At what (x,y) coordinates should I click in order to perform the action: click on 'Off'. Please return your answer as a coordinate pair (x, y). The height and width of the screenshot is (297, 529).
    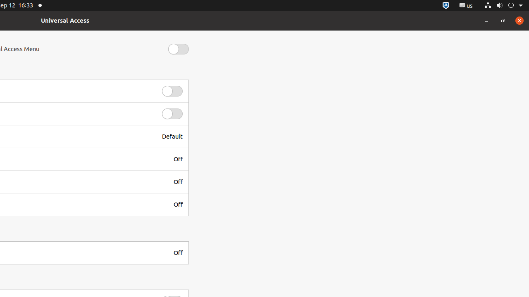
    Looking at the image, I should click on (177, 159).